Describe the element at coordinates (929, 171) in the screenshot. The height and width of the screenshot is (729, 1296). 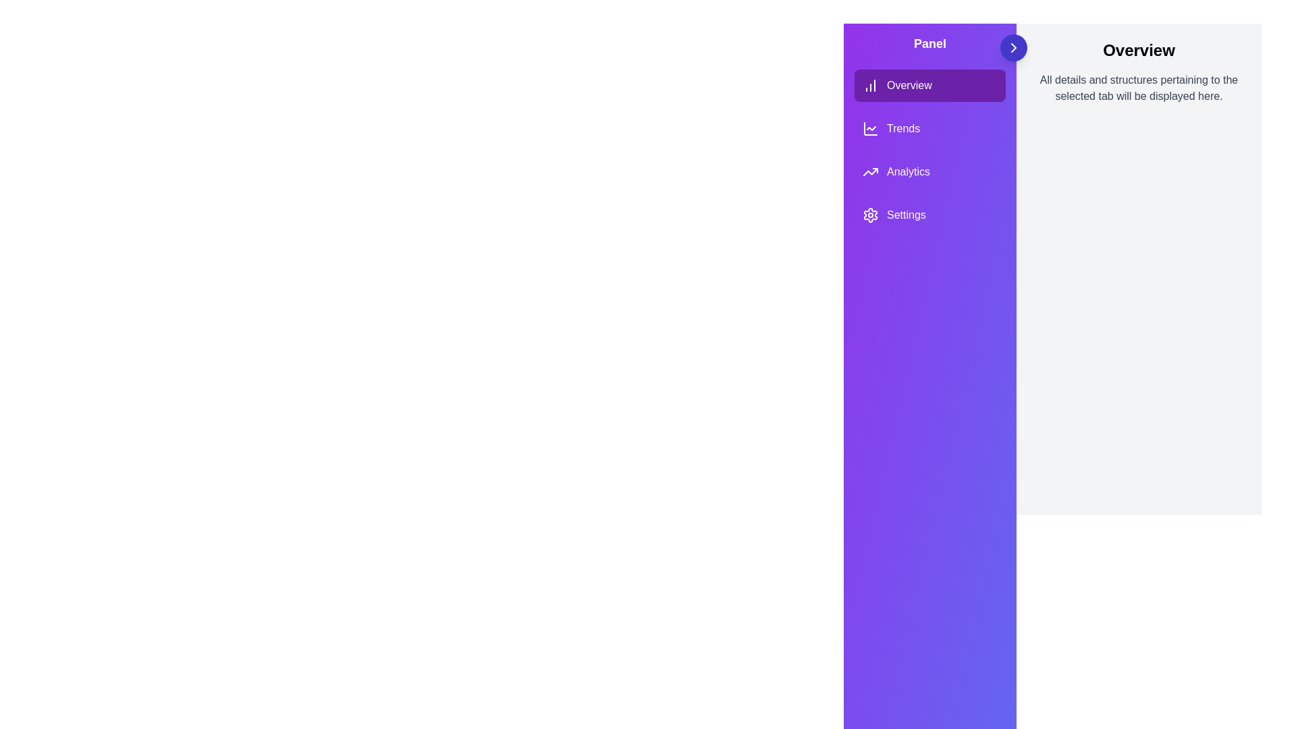
I see `the menu item labeled Analytics to see its hover effect` at that location.